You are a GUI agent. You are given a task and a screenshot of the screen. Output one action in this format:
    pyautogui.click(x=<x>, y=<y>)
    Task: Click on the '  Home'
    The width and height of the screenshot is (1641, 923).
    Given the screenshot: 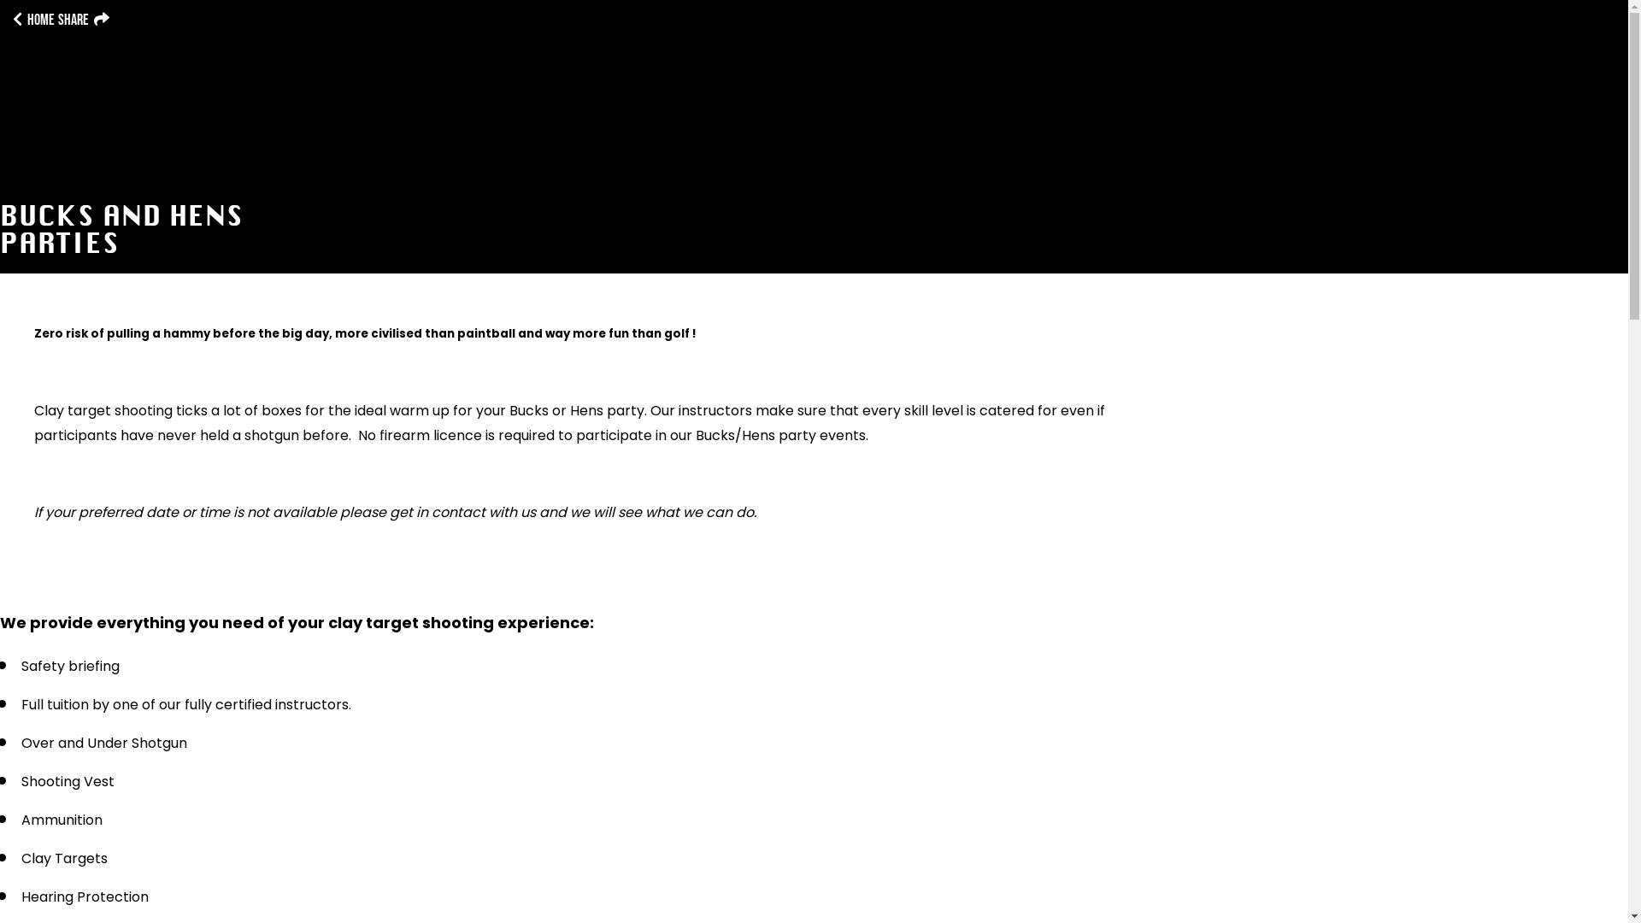 What is the action you would take?
    pyautogui.click(x=33, y=20)
    